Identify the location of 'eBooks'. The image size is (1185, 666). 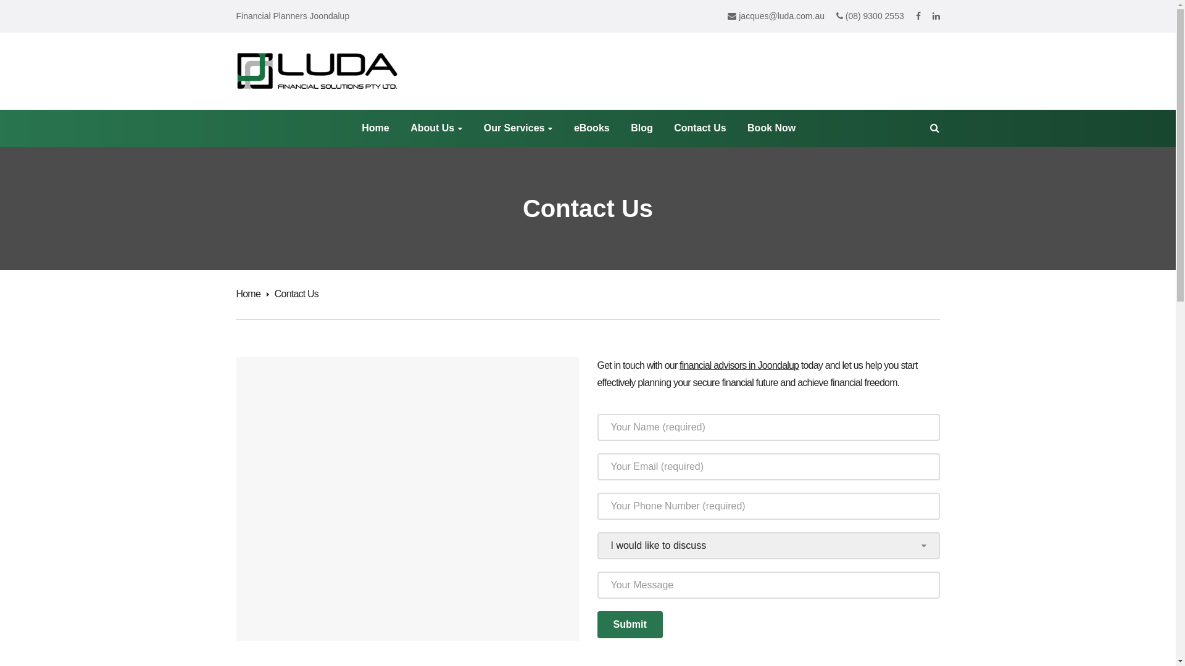
(591, 128).